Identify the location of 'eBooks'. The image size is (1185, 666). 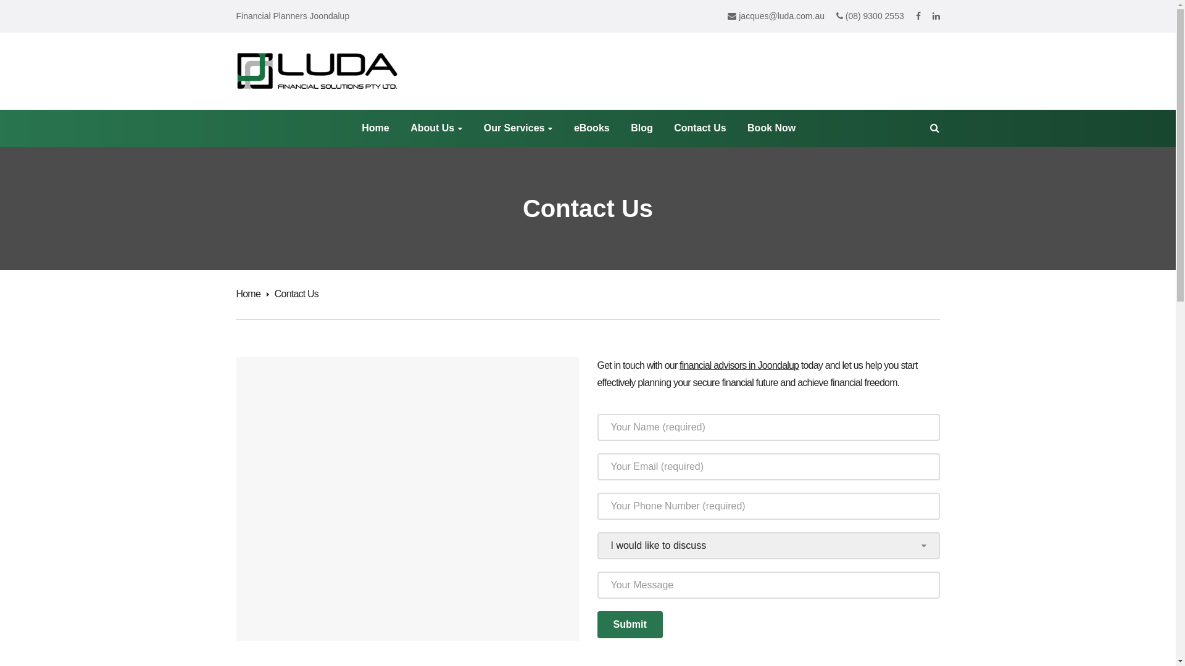
(591, 128).